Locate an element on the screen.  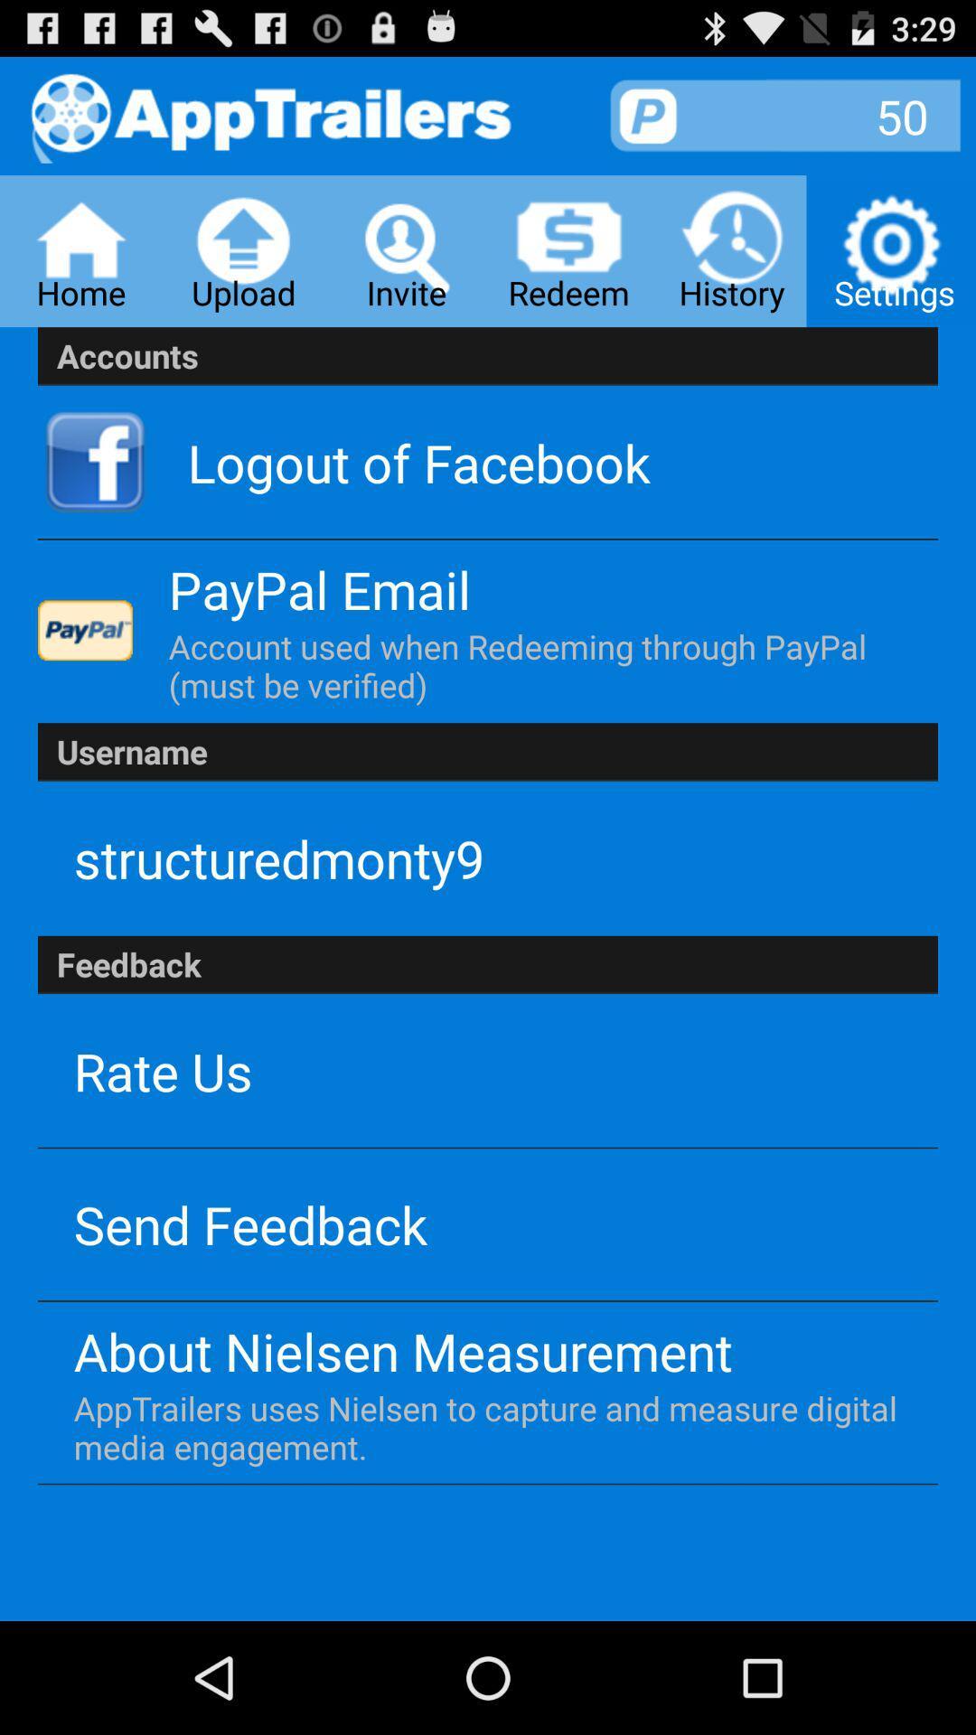
app below username icon is located at coordinates (278, 857).